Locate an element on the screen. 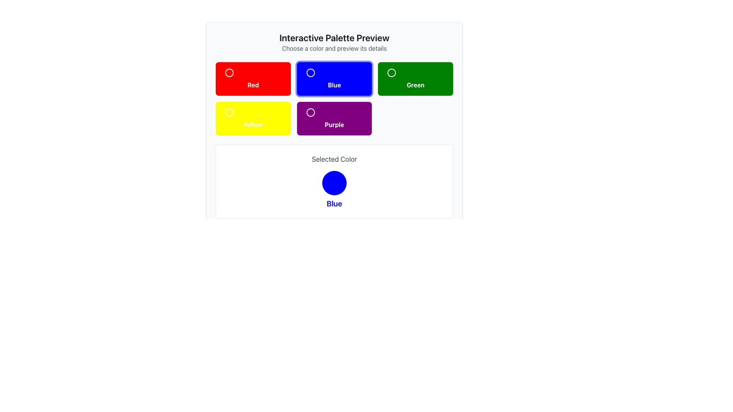 Image resolution: width=733 pixels, height=412 pixels. the circular visual indicator within the 'Yellow' button to verify its selection state is located at coordinates (229, 112).